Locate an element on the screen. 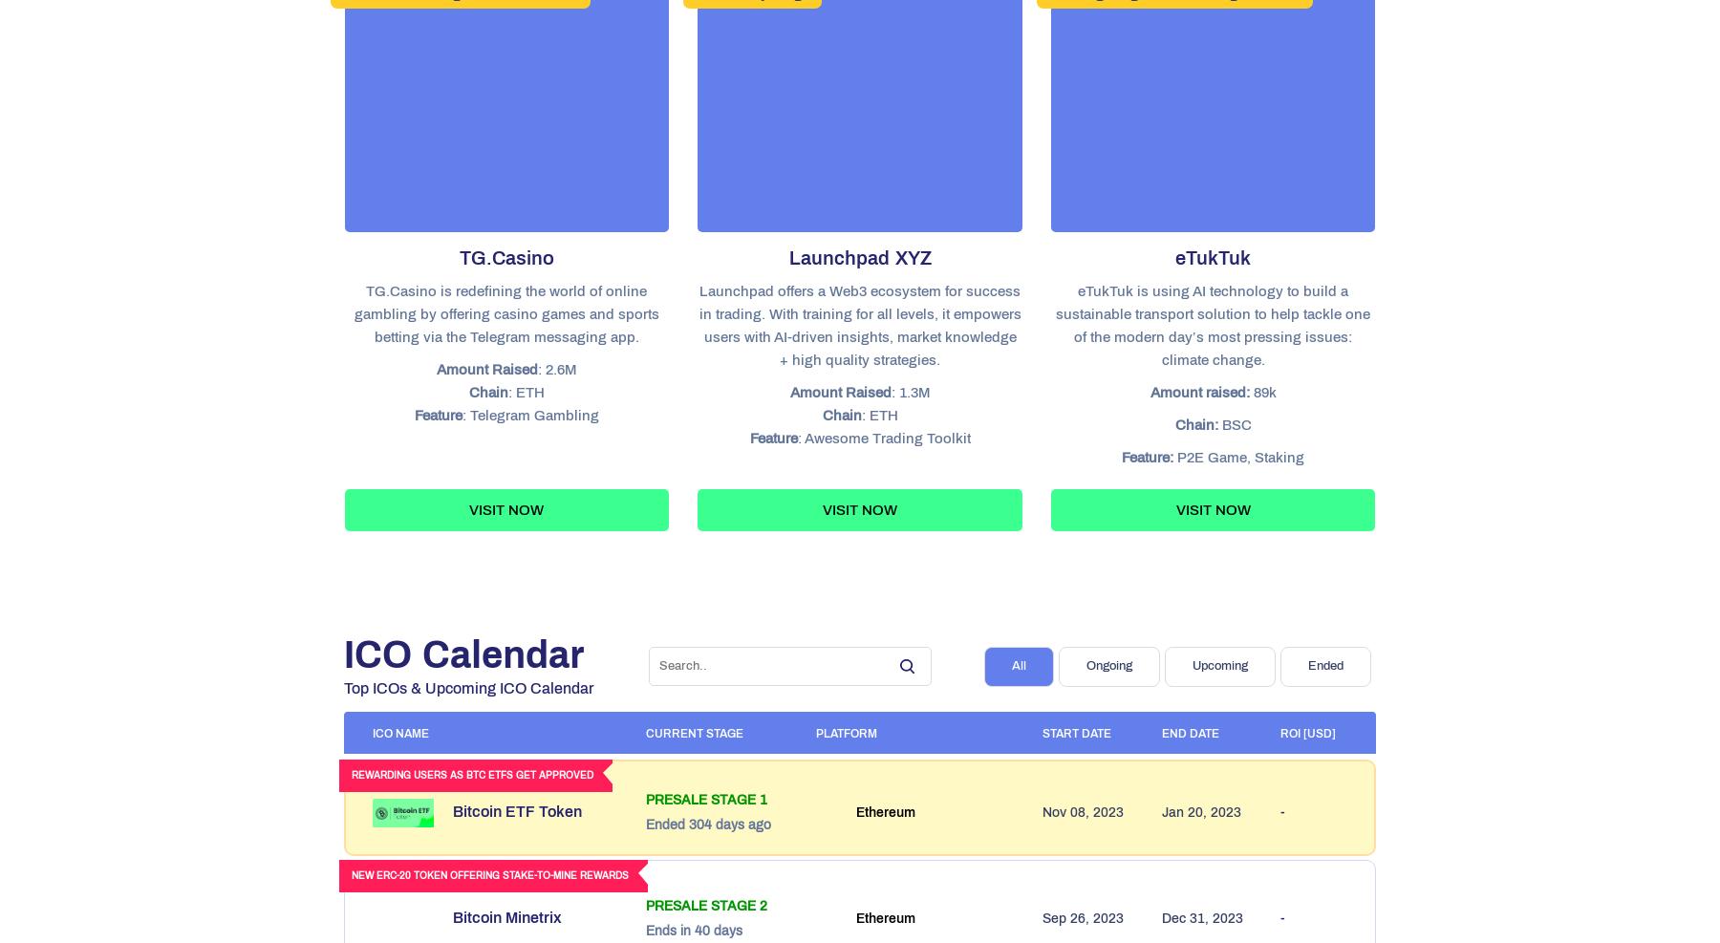  'Rewarding Users as BTC ETFs Get Approved' is located at coordinates (471, 775).